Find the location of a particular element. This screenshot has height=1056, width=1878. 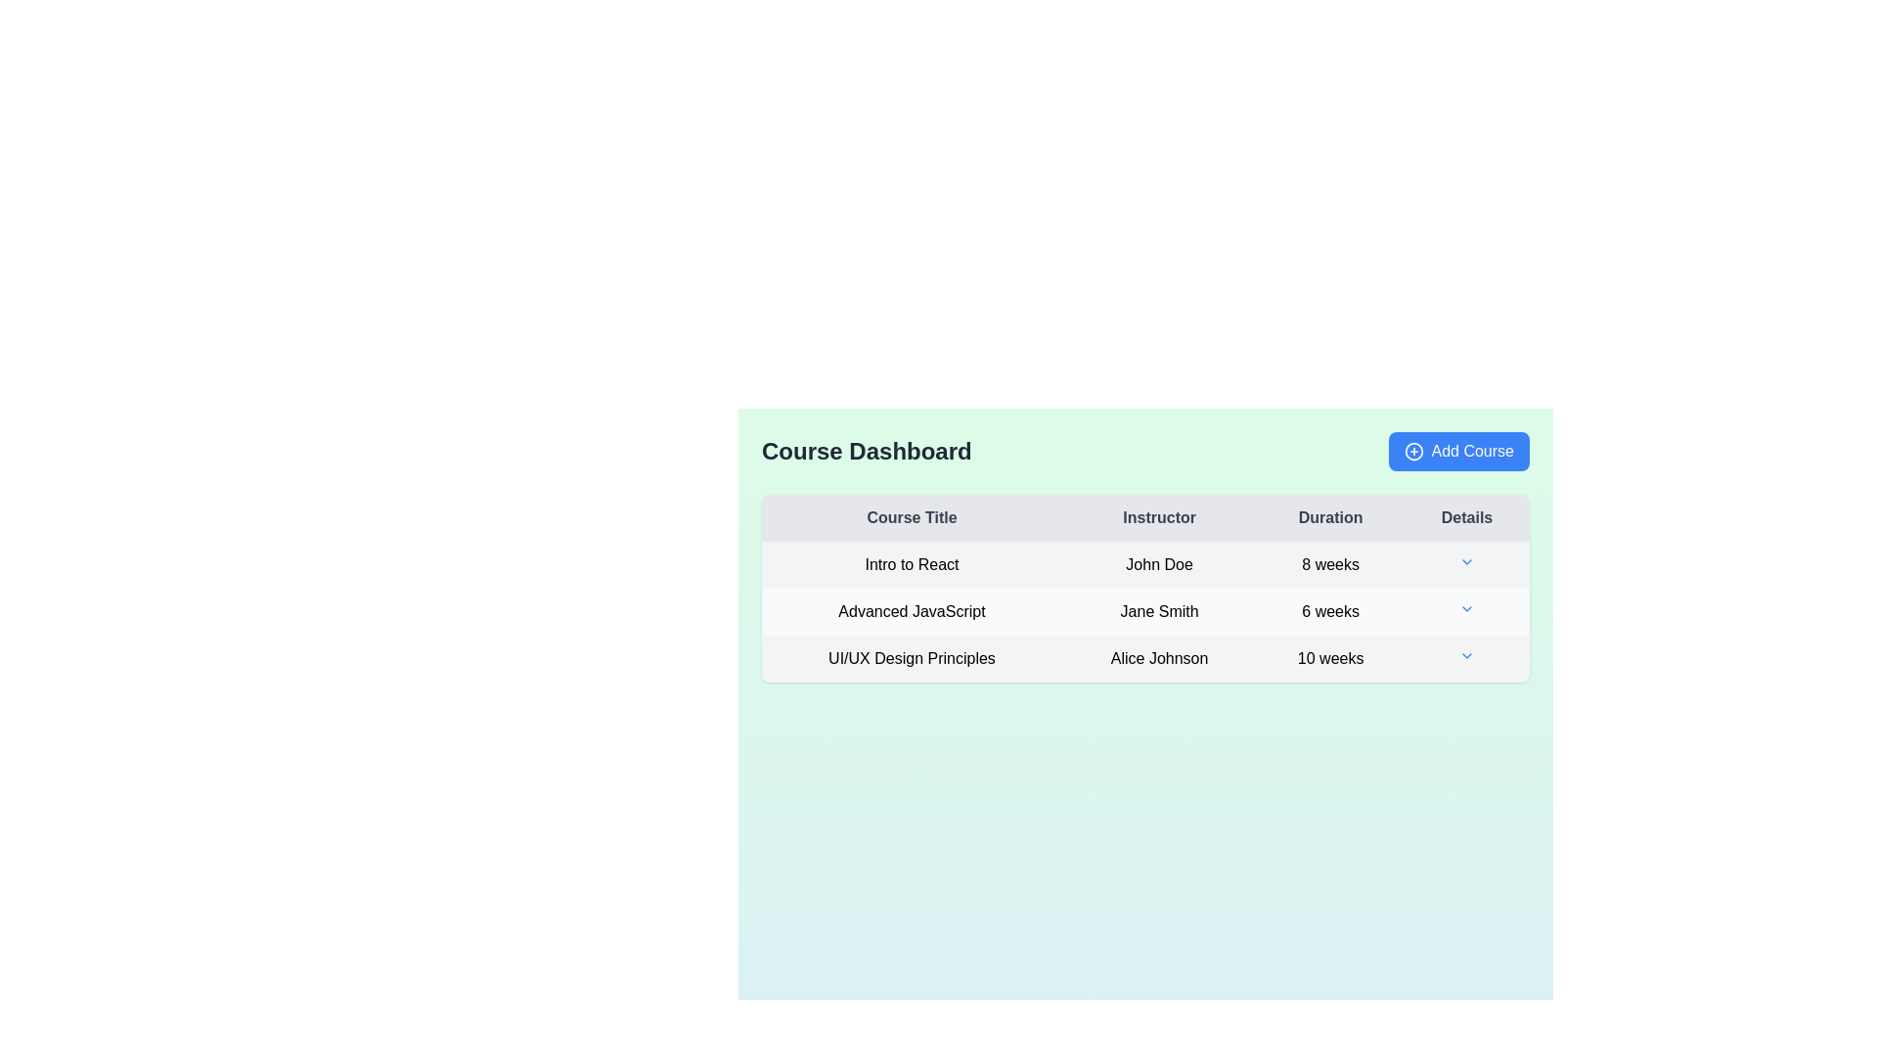

the 'Duration' column header label in the table, which is located between 'Instructor' and 'Details' is located at coordinates (1330, 516).